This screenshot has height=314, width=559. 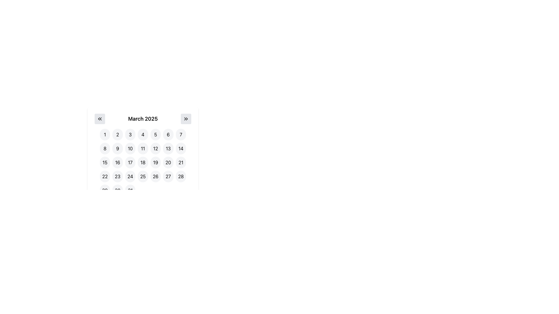 I want to click on the left double chevron button styled with black lines on a gray circular background in the date-picker interface, so click(x=100, y=118).